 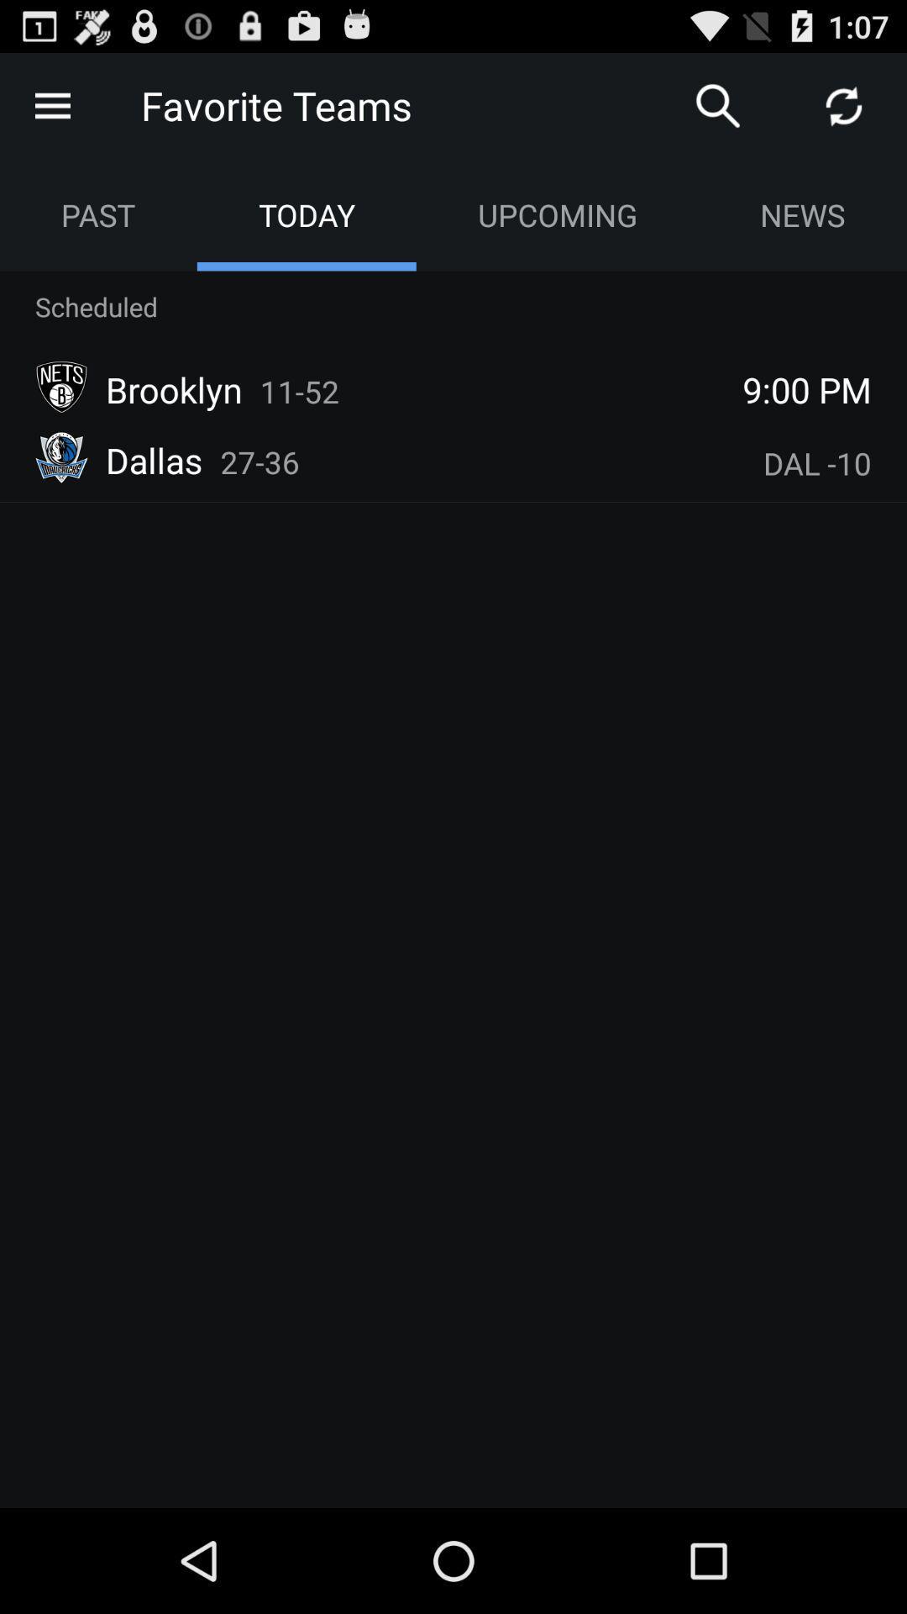 What do you see at coordinates (806, 388) in the screenshot?
I see `app above dal -10 icon` at bounding box center [806, 388].